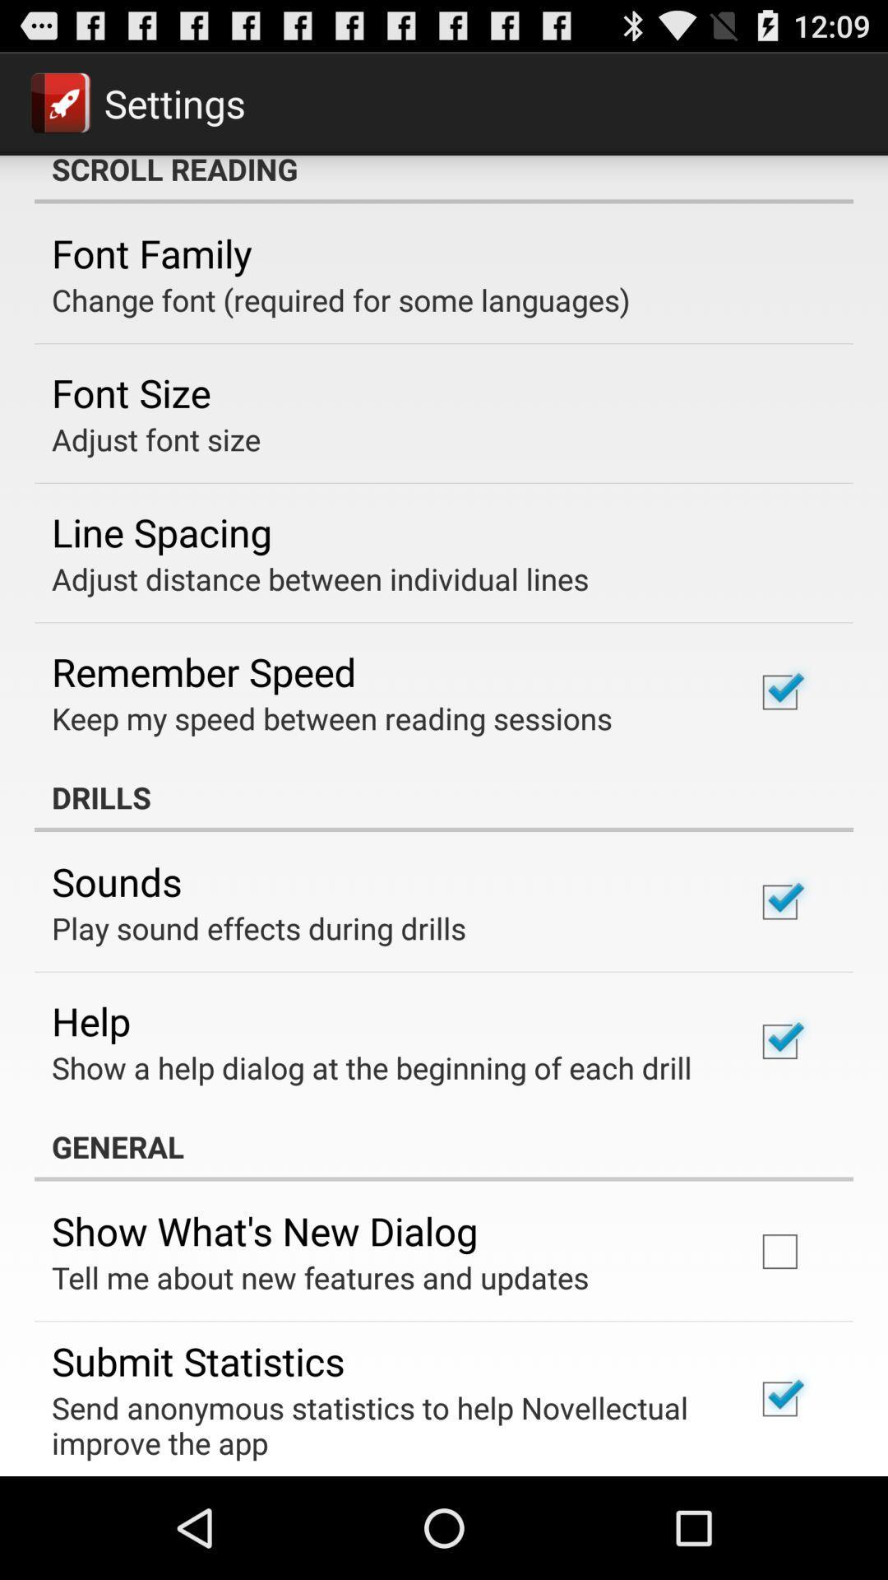 The width and height of the screenshot is (888, 1580). Describe the element at coordinates (203, 671) in the screenshot. I see `item above the keep my speed app` at that location.